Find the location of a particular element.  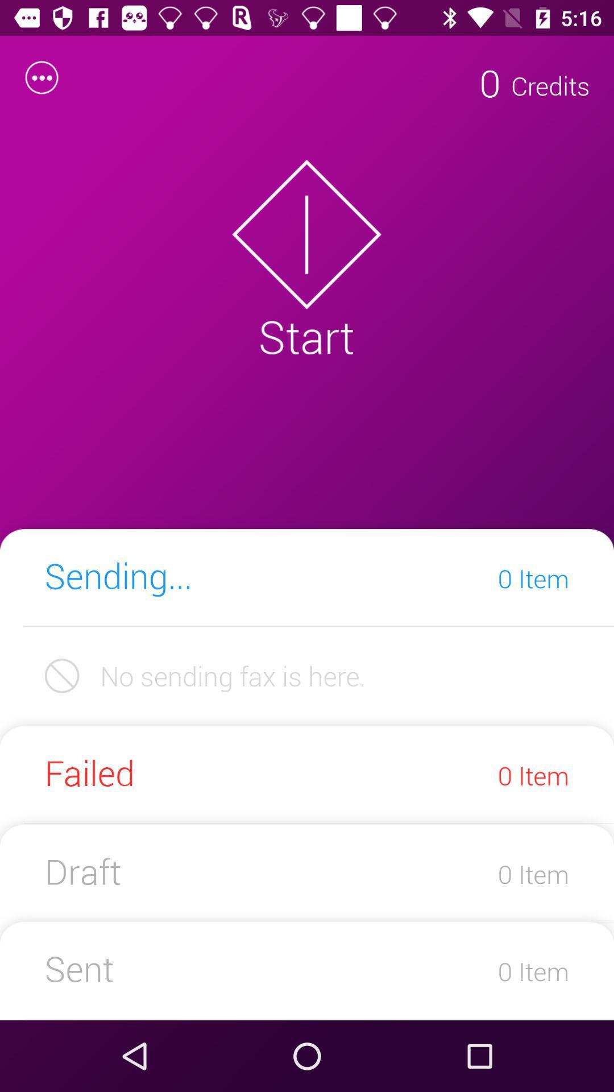

the more icon is located at coordinates (41, 77).